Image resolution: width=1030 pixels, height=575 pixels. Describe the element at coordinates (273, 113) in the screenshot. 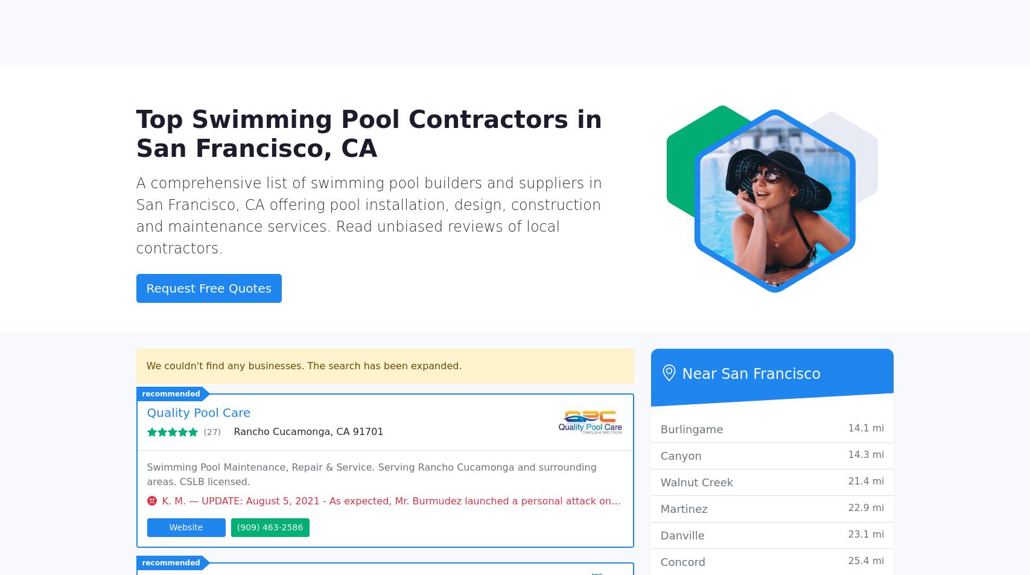

I see `'La Mesa, CA 91942'` at that location.